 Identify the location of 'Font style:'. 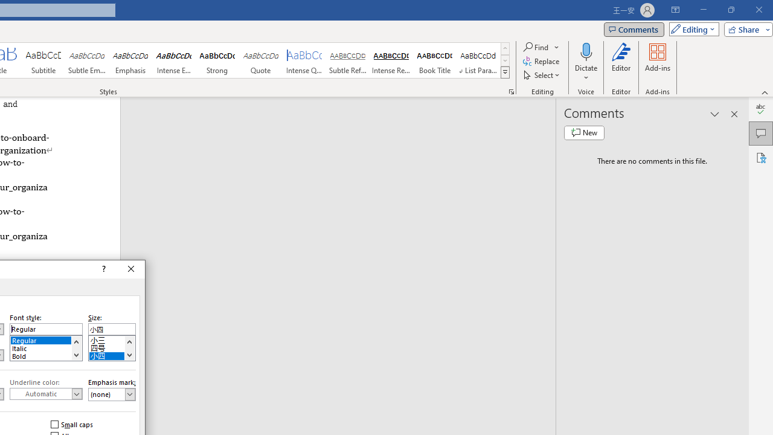
(46, 329).